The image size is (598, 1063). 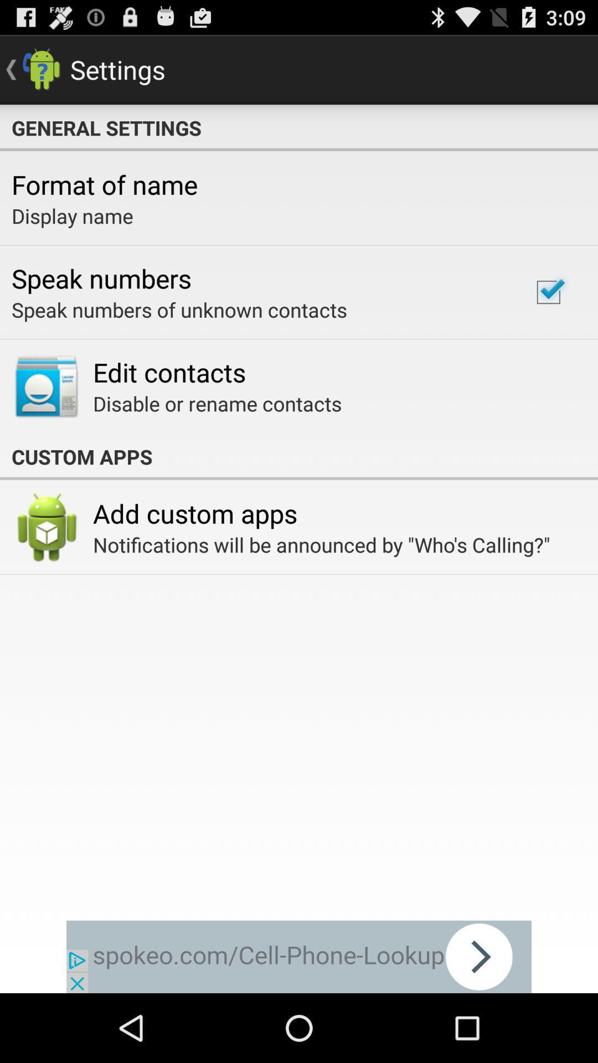 I want to click on advertisement, so click(x=299, y=956).